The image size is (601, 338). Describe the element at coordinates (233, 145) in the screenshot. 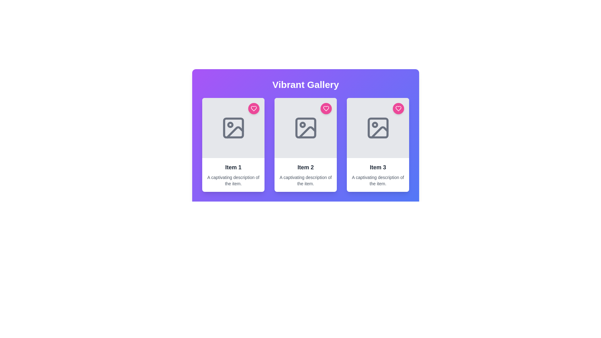

I see `the first Card element in the grid that displays an item summary` at that location.